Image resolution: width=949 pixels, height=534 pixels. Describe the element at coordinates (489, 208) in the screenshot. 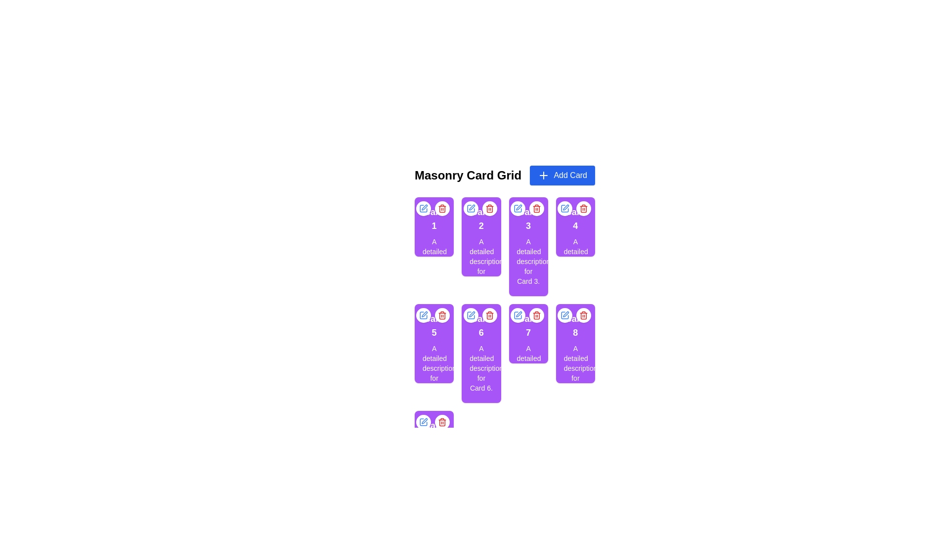

I see `the compact circular button with a white background and red highlights, featuring a trashcan icon, located in the top-right corner of card '2'` at that location.